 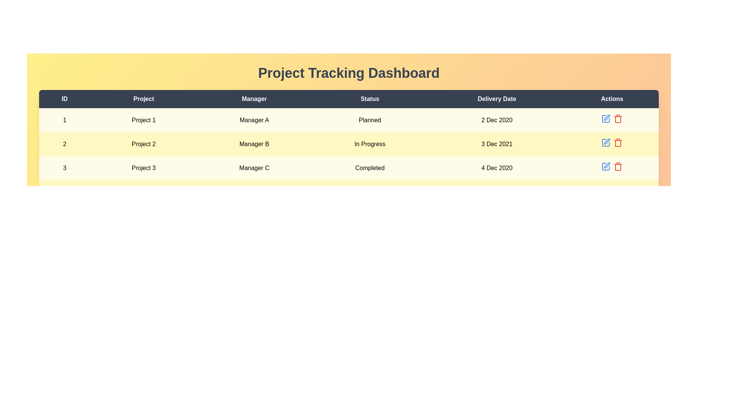 I want to click on the delete button for project 1, so click(x=618, y=118).